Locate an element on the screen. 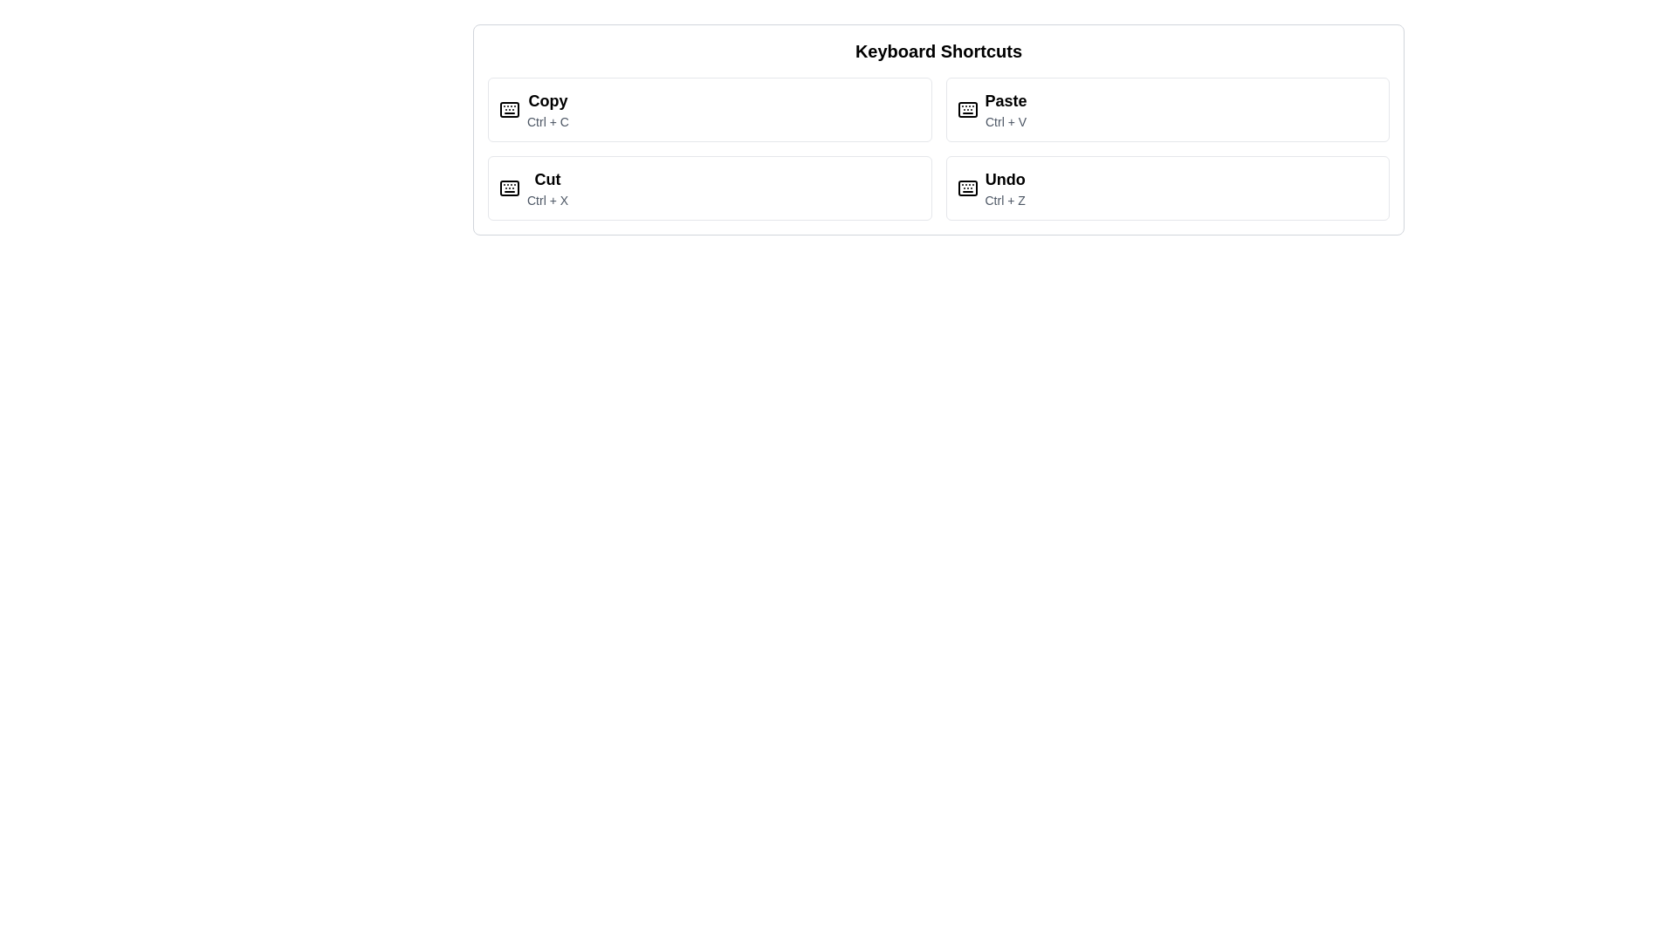  the small keyboard icon with a black outline located to the left of the 'Undo' and 'Ctrl + Z' labels in the 'Keyboard Shortcuts' section is located at coordinates (966, 188).